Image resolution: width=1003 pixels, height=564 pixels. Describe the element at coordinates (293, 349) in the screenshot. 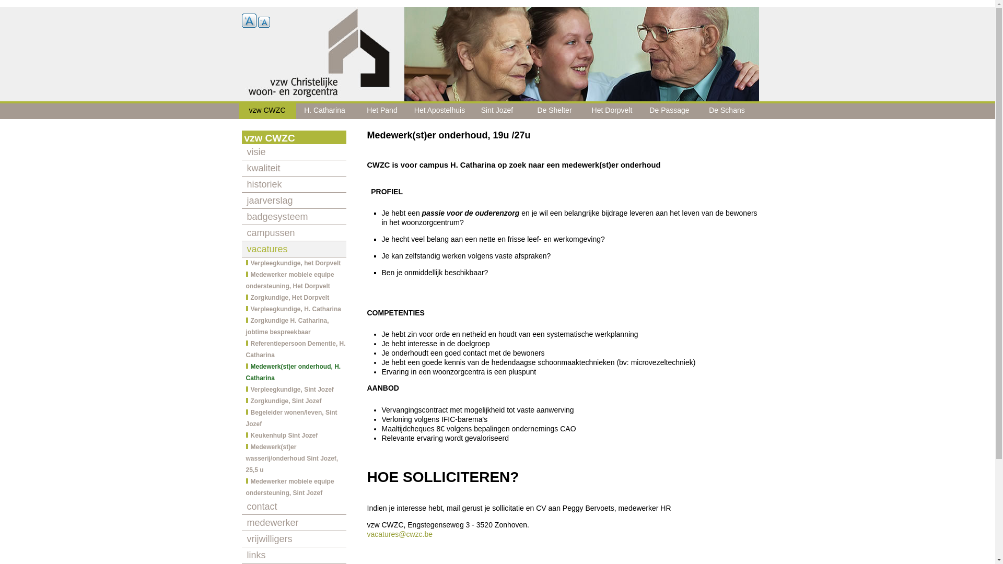

I see `'Referentiepersoon Dementie, H. Catharina'` at that location.